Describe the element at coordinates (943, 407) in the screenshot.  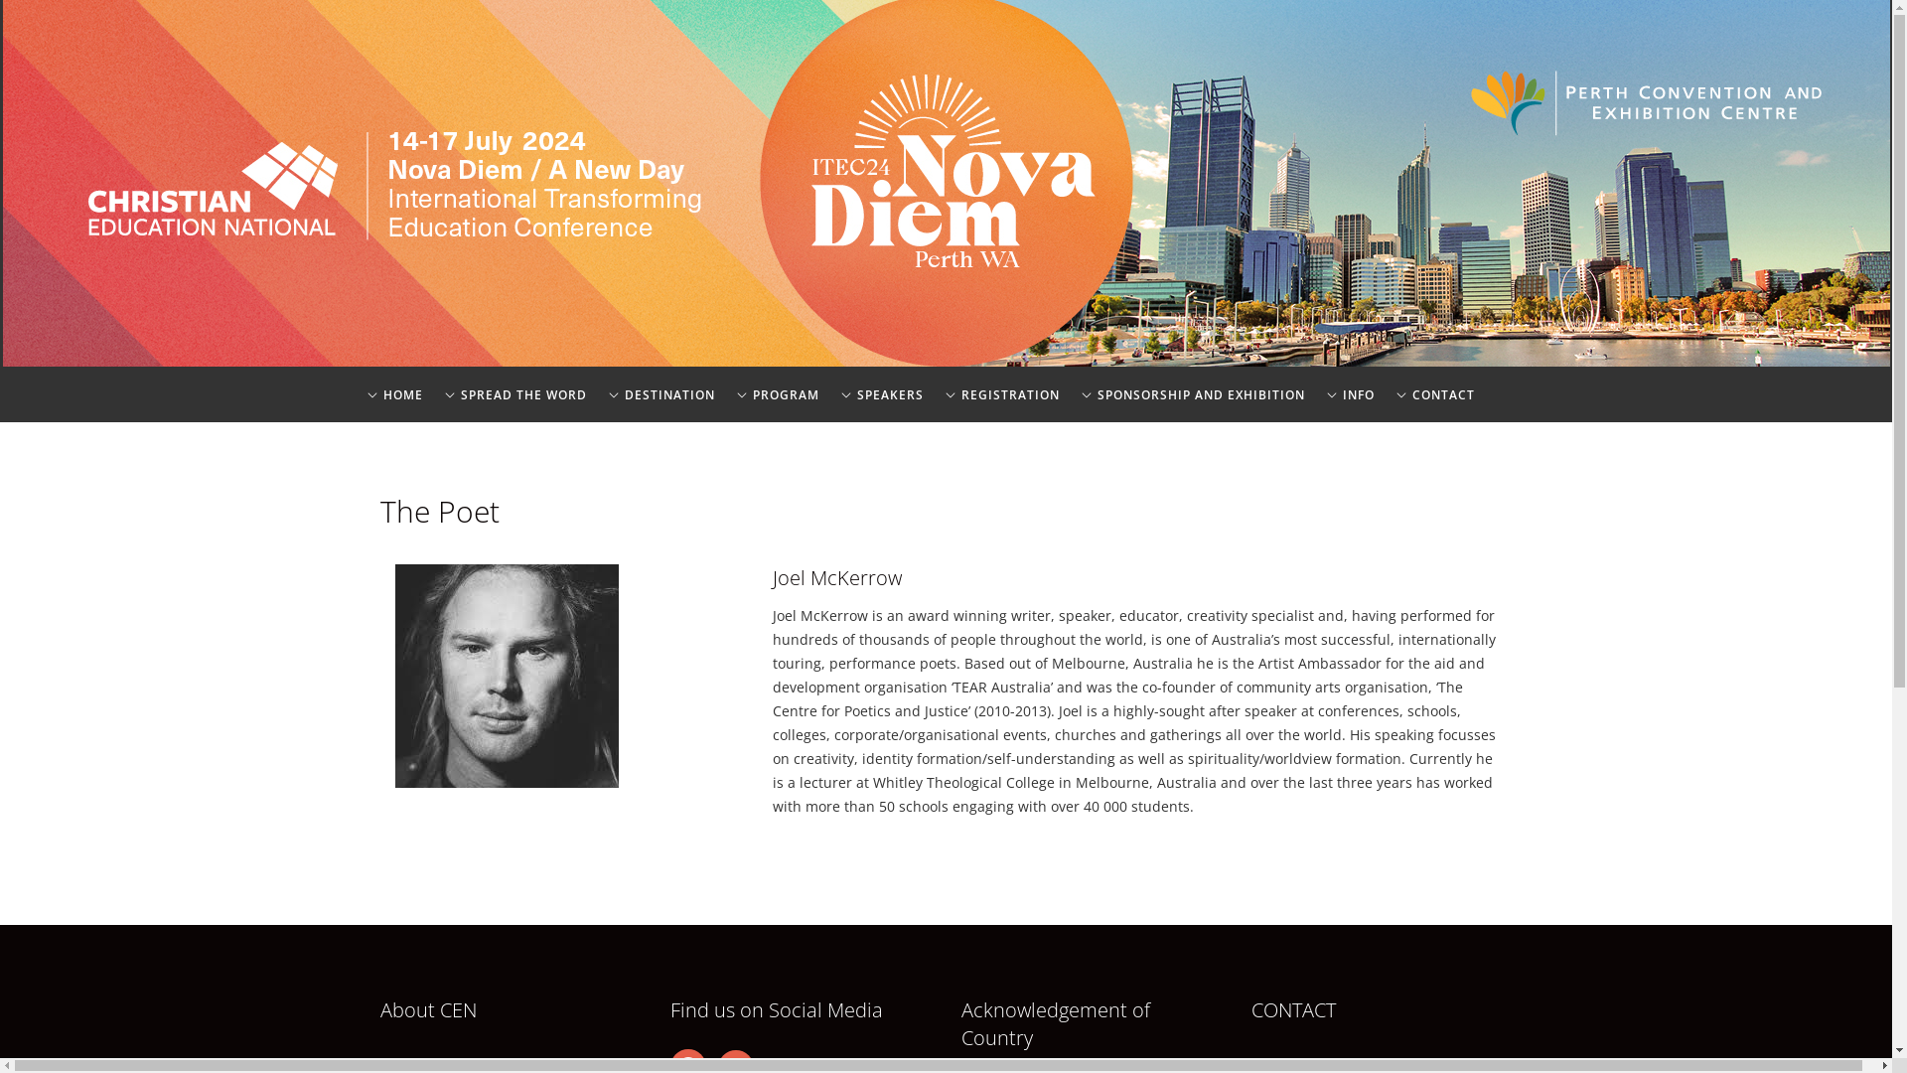
I see `'REGISTRATION'` at that location.